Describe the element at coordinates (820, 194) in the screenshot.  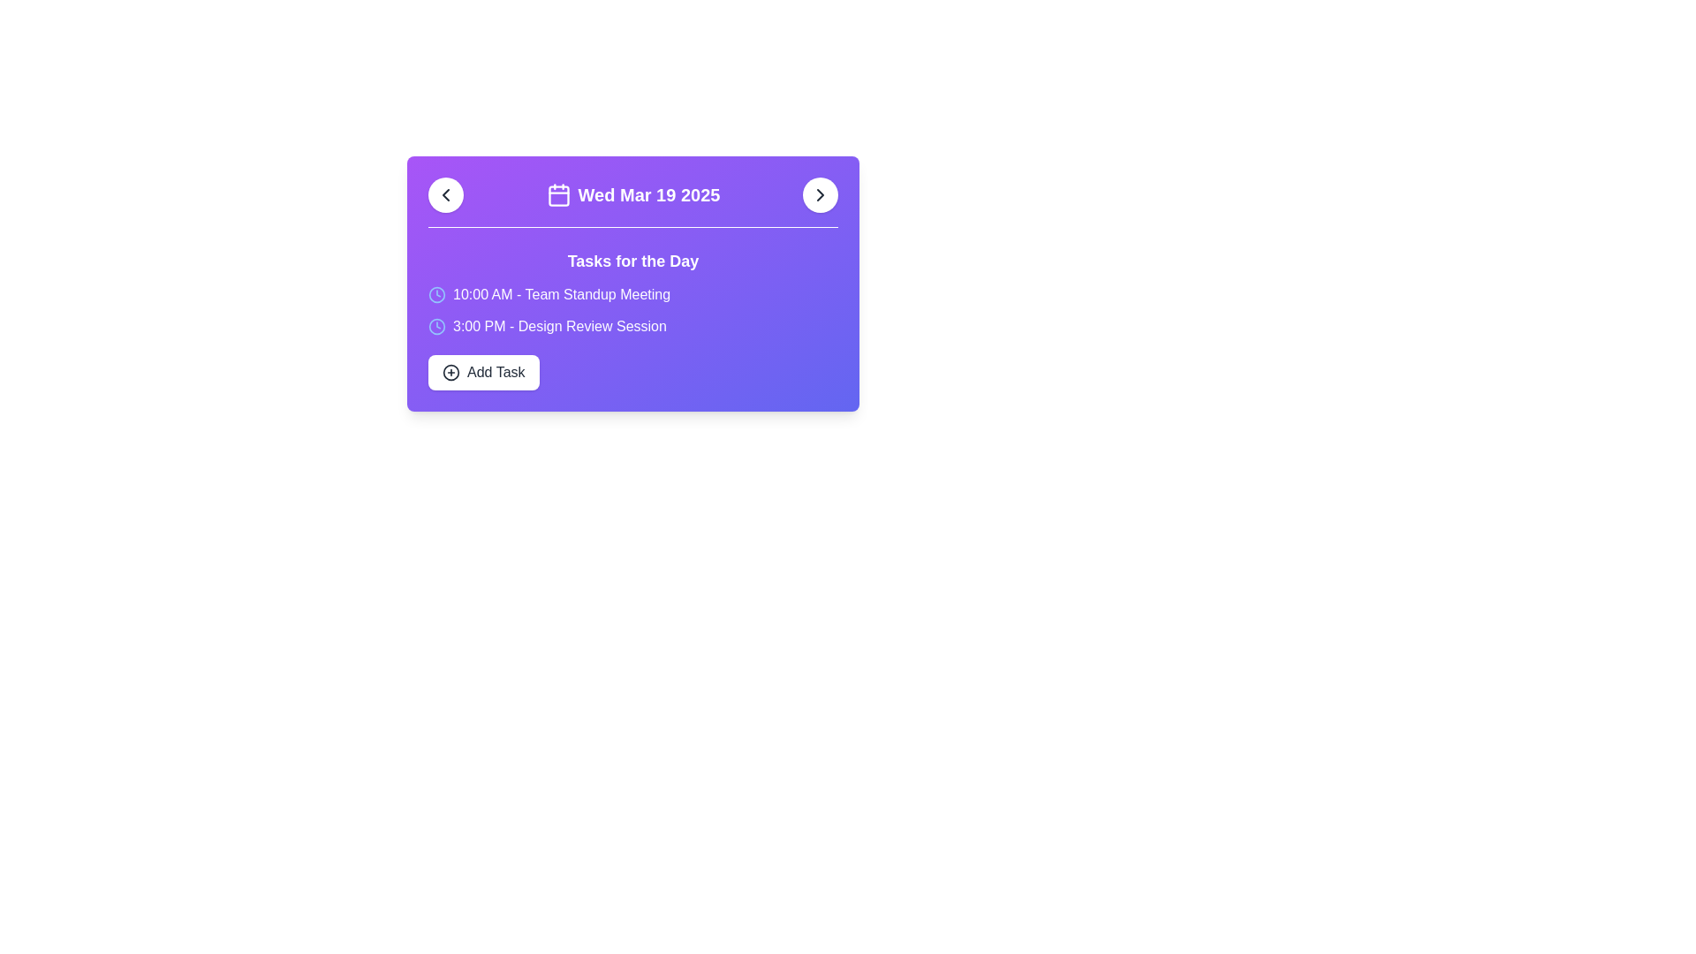
I see `the triangular-shaped right-pointing icon located in the top-right corner of the card-like section` at that location.